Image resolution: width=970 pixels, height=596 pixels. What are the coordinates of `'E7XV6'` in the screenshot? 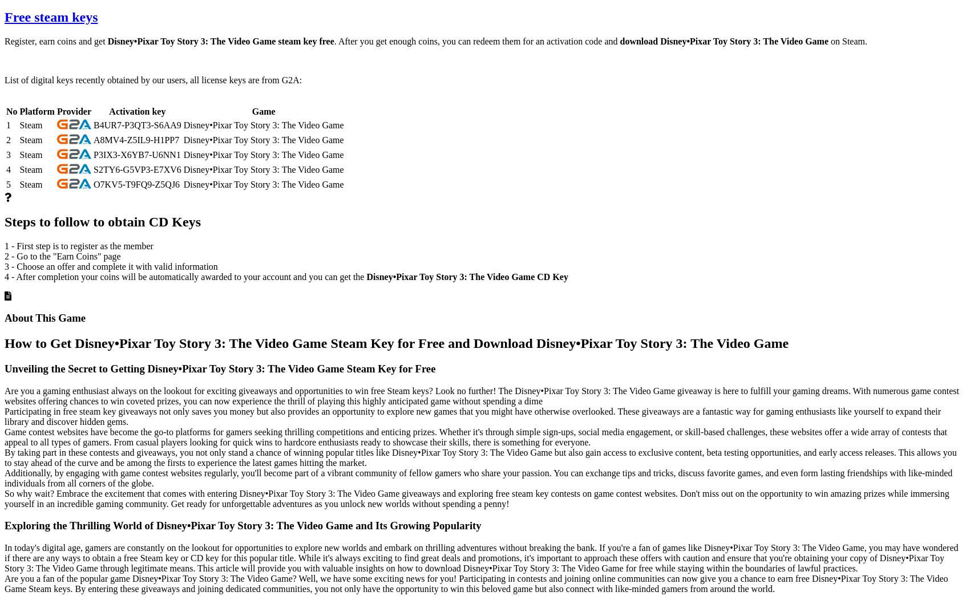 It's located at (152, 169).